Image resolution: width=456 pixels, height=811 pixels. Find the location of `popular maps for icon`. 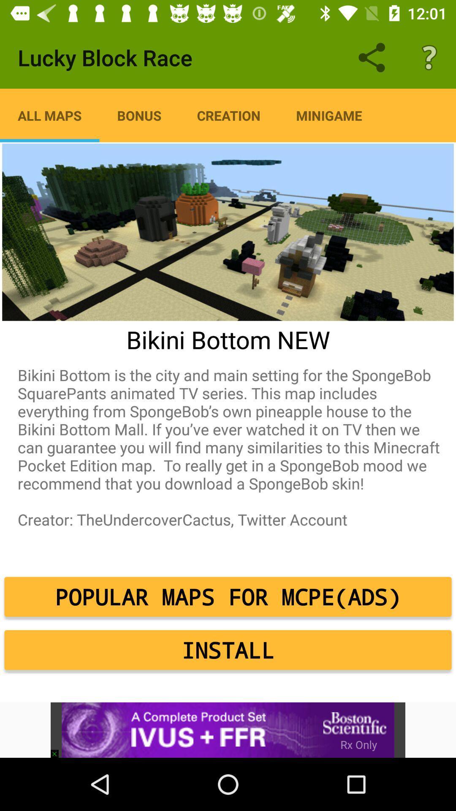

popular maps for icon is located at coordinates (228, 596).